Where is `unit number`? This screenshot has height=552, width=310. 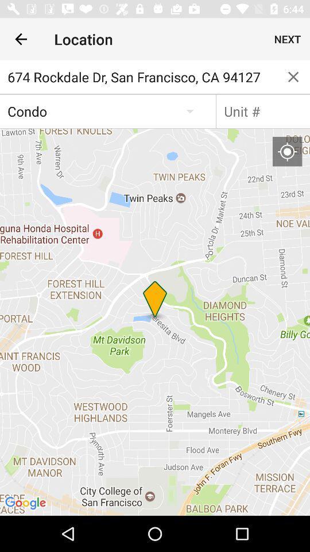 unit number is located at coordinates (263, 111).